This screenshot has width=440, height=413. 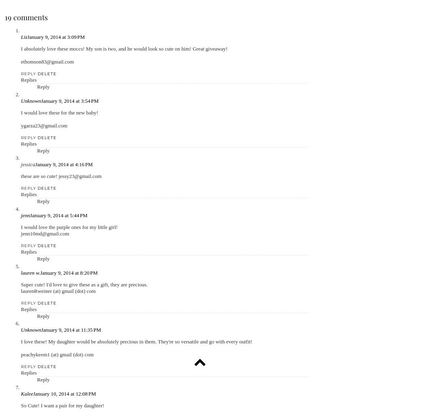 What do you see at coordinates (21, 61) in the screenshot?
I see `'ethomson83@gmail.com'` at bounding box center [21, 61].